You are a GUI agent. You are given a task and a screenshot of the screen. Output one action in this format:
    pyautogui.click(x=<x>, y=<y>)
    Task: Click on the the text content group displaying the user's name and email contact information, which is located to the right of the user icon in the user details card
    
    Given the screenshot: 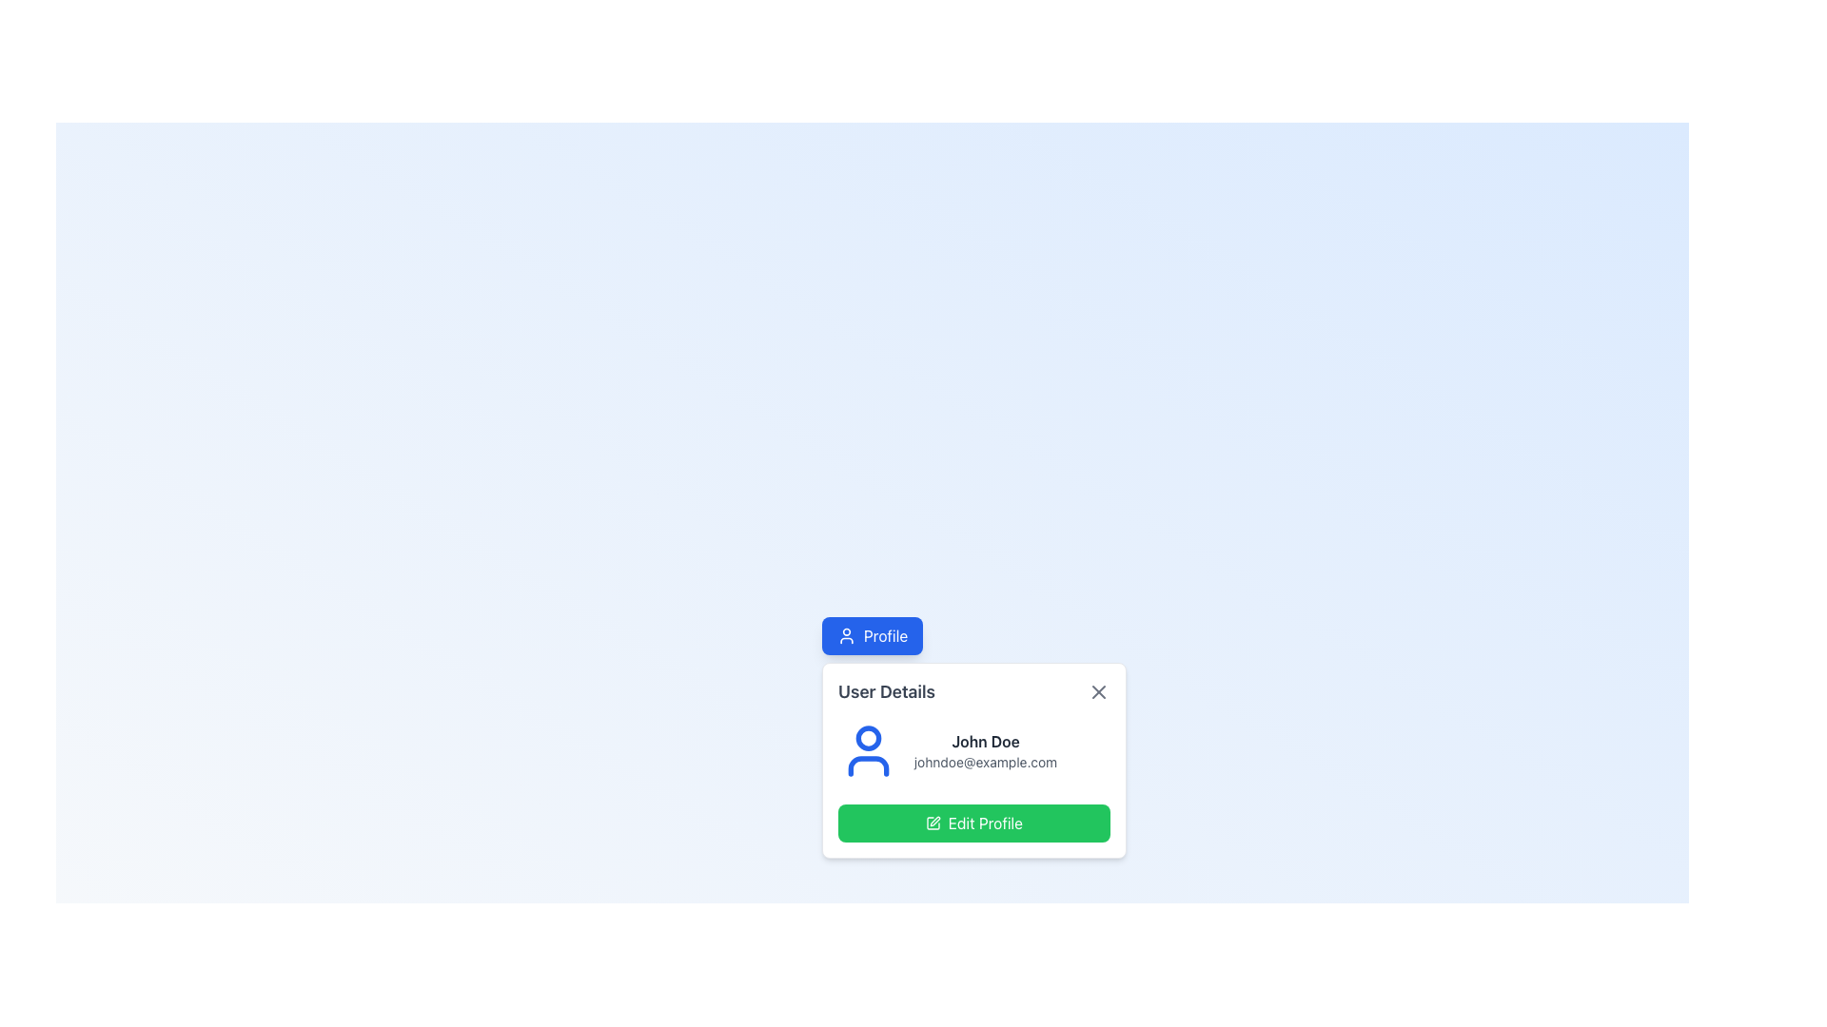 What is the action you would take?
    pyautogui.click(x=986, y=750)
    